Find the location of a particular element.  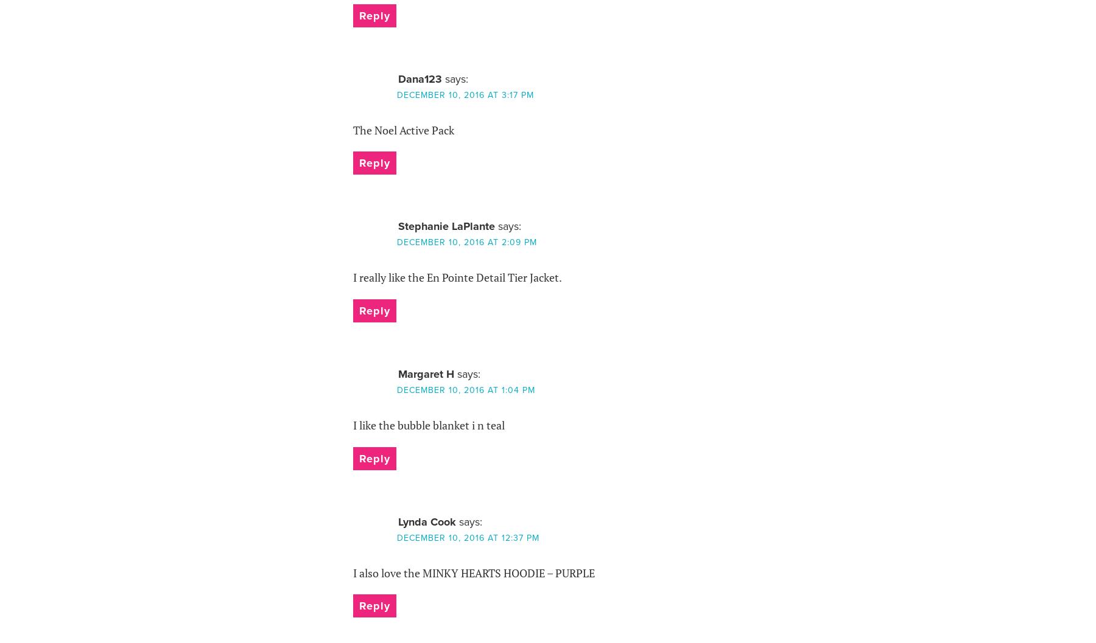

'Stephanie LaPlante' is located at coordinates (445, 226).